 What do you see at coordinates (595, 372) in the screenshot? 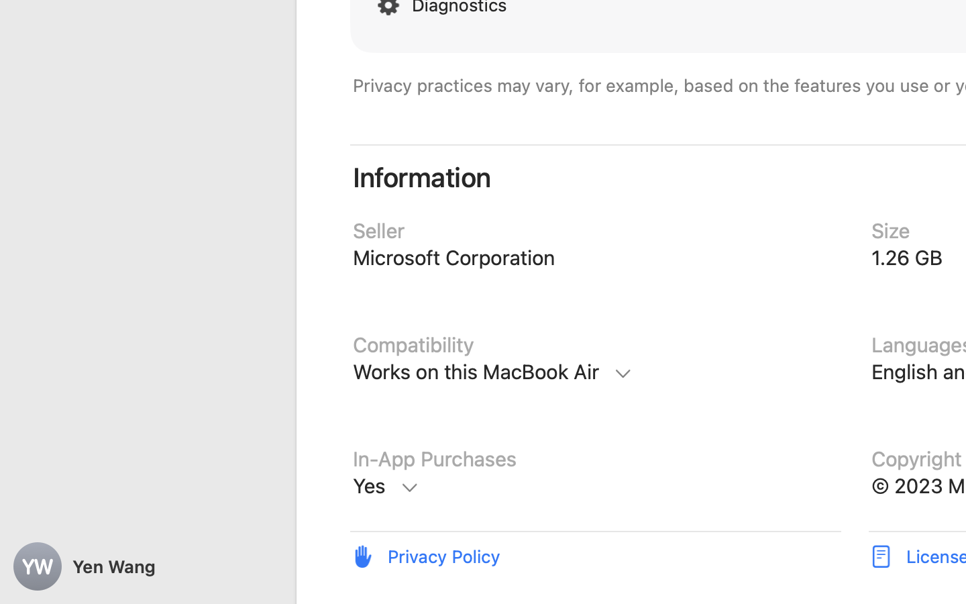
I see `'Compatibility, Mac, Requires macOS 12.0 or later'` at bounding box center [595, 372].